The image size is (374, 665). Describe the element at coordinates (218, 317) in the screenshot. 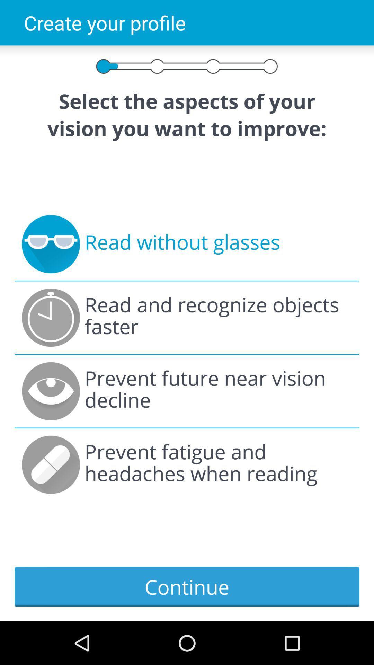

I see `item above the prevent future near` at that location.